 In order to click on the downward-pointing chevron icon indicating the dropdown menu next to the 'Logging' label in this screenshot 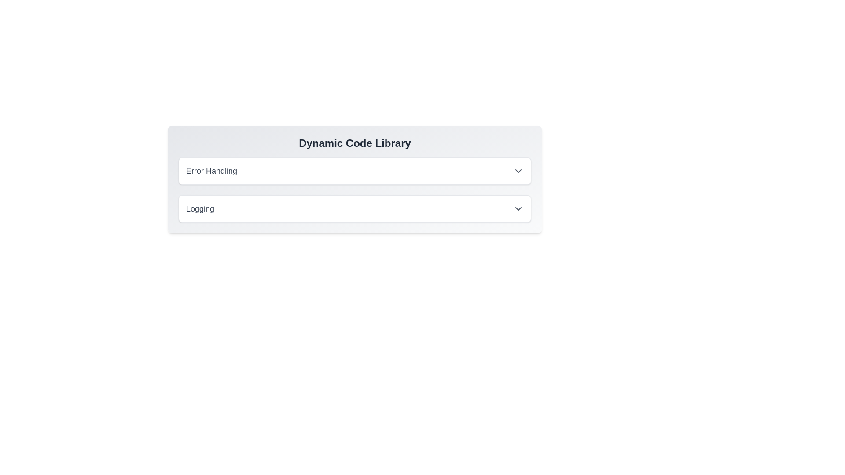, I will do `click(518, 208)`.